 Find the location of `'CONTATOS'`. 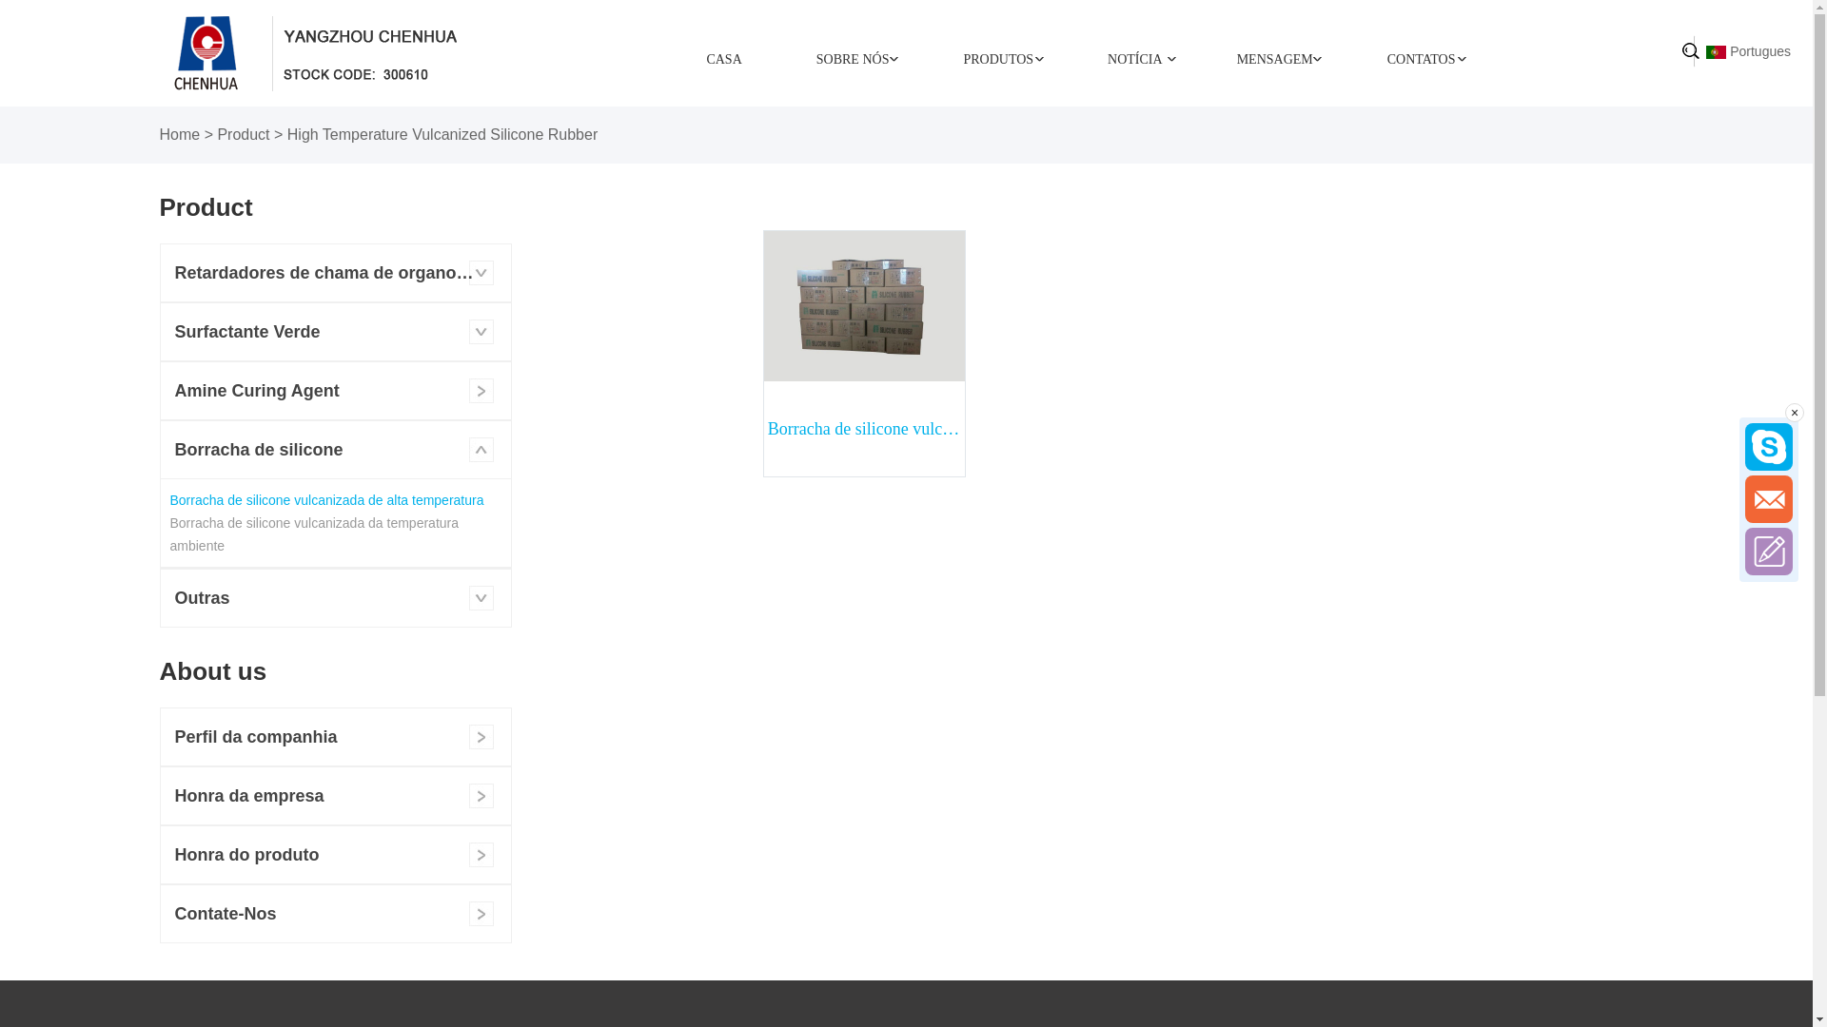

'CONTATOS' is located at coordinates (1349, 57).